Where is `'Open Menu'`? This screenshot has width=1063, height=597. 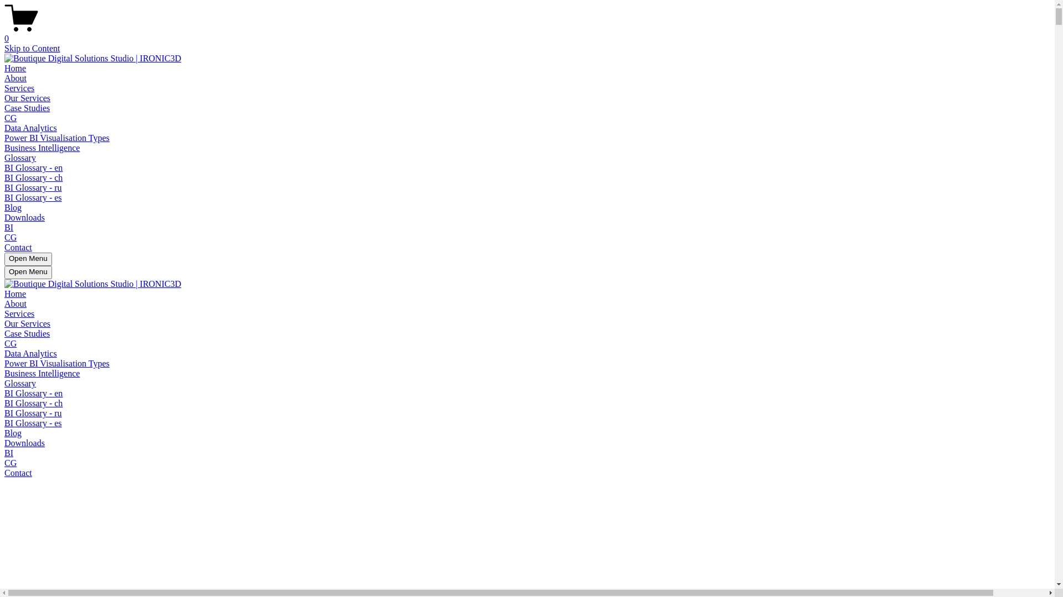
'Open Menu' is located at coordinates (28, 259).